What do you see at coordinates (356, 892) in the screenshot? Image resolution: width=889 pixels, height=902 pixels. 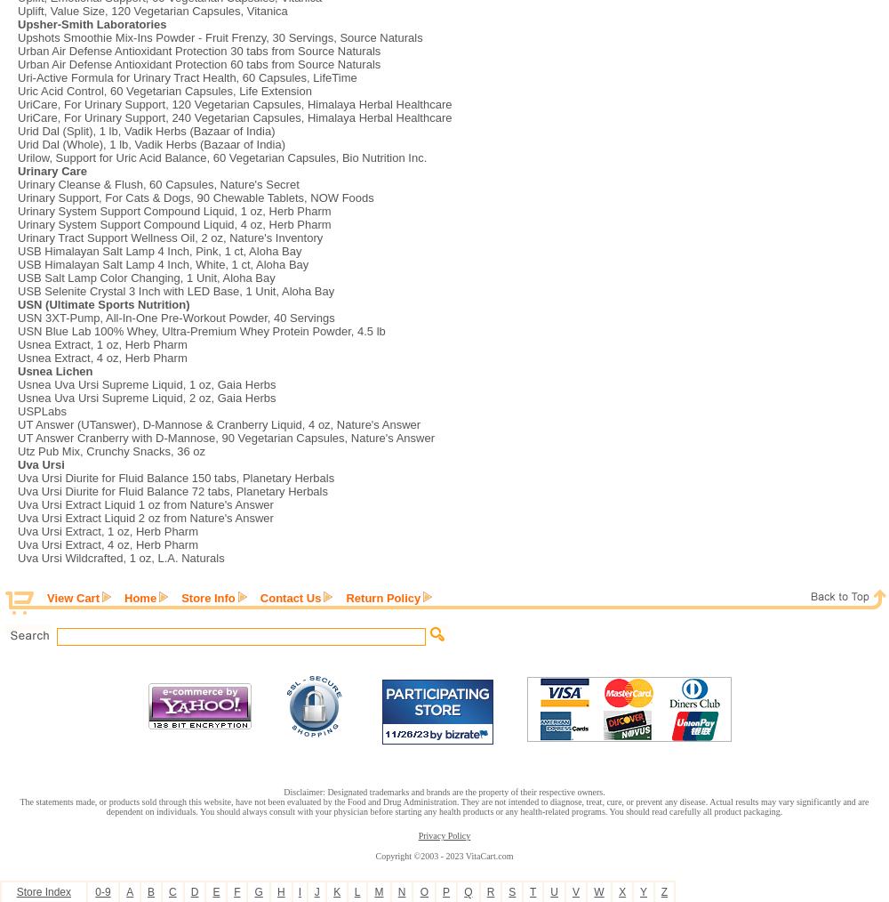 I see `'L'` at bounding box center [356, 892].